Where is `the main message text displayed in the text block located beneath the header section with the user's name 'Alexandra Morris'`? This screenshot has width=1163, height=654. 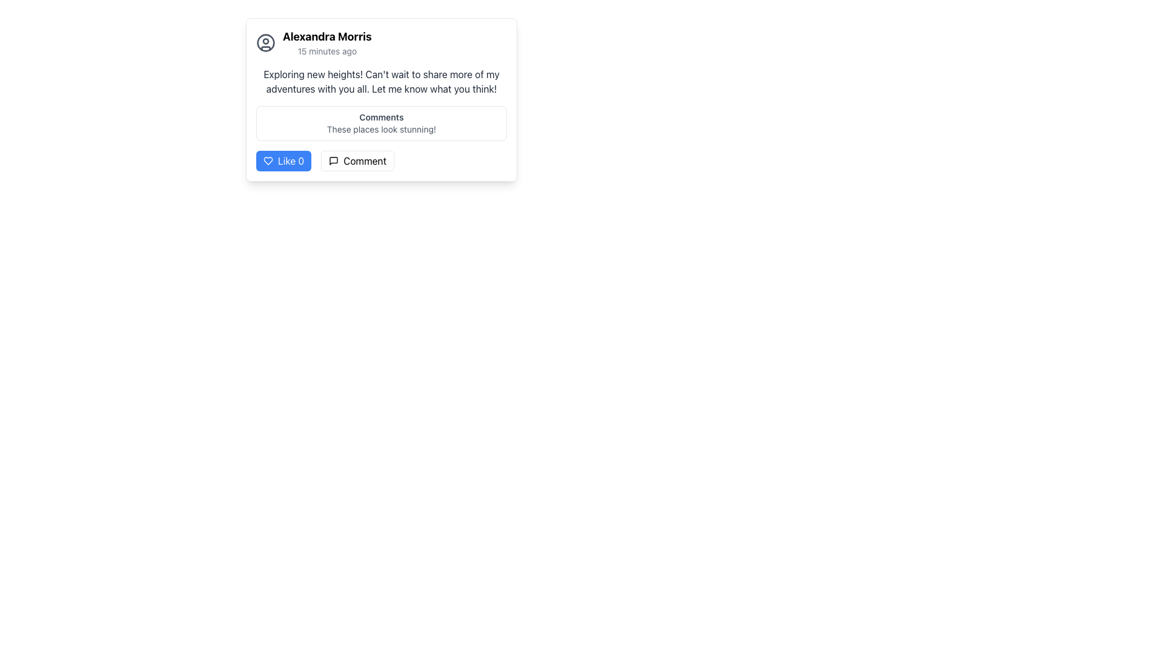
the main message text displayed in the text block located beneath the header section with the user's name 'Alexandra Morris' is located at coordinates (380, 82).